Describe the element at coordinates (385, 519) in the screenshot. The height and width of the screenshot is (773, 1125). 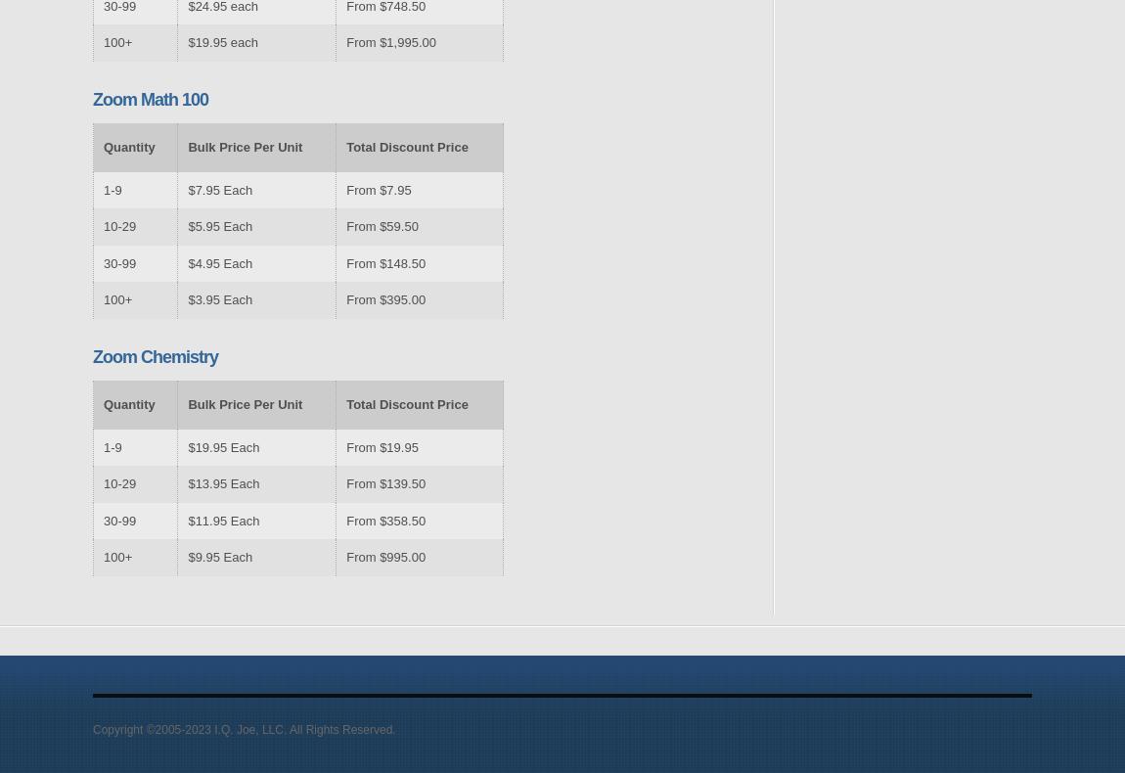
I see `'From $358.50'` at that location.